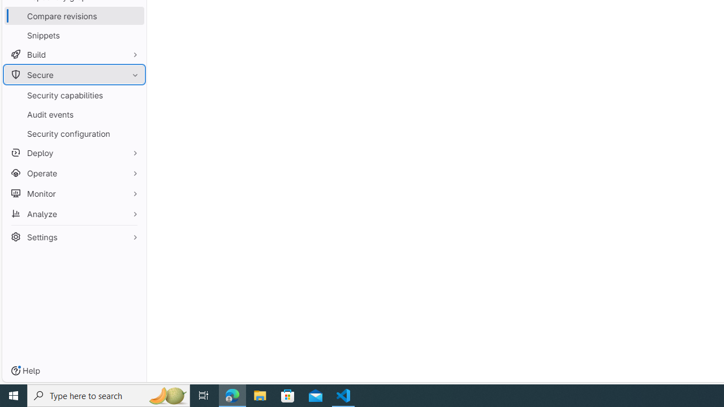  I want to click on 'Pin Security configuration', so click(132, 133).